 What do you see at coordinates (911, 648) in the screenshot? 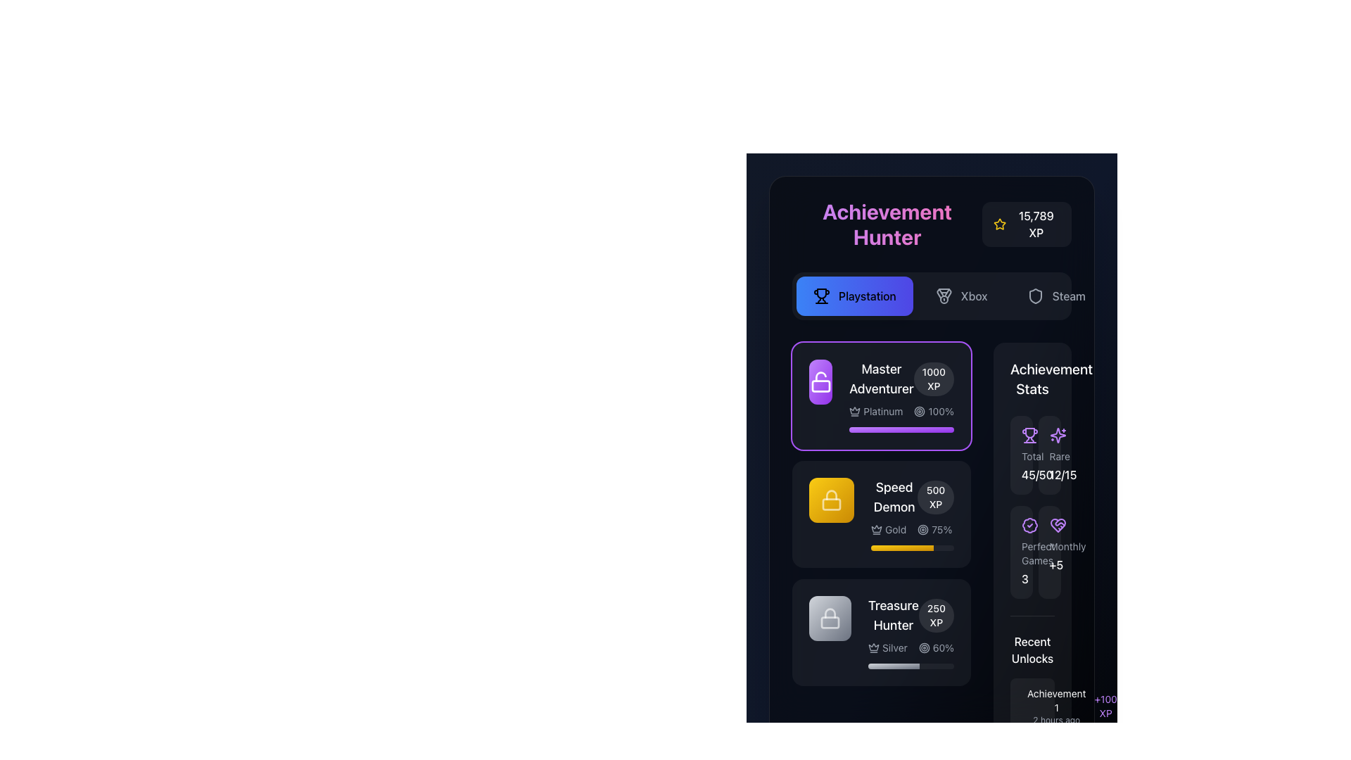
I see `structure of the Label with icons featuring a crown icon and 'Silver' text, as well as a circular target-like icon with '60%', located within the 'Treasure Hunter' card in the 'Achievement Hunter' section` at bounding box center [911, 648].